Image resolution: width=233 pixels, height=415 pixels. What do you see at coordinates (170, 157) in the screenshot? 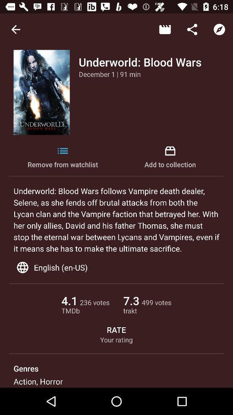
I see `the icon on the right` at bounding box center [170, 157].